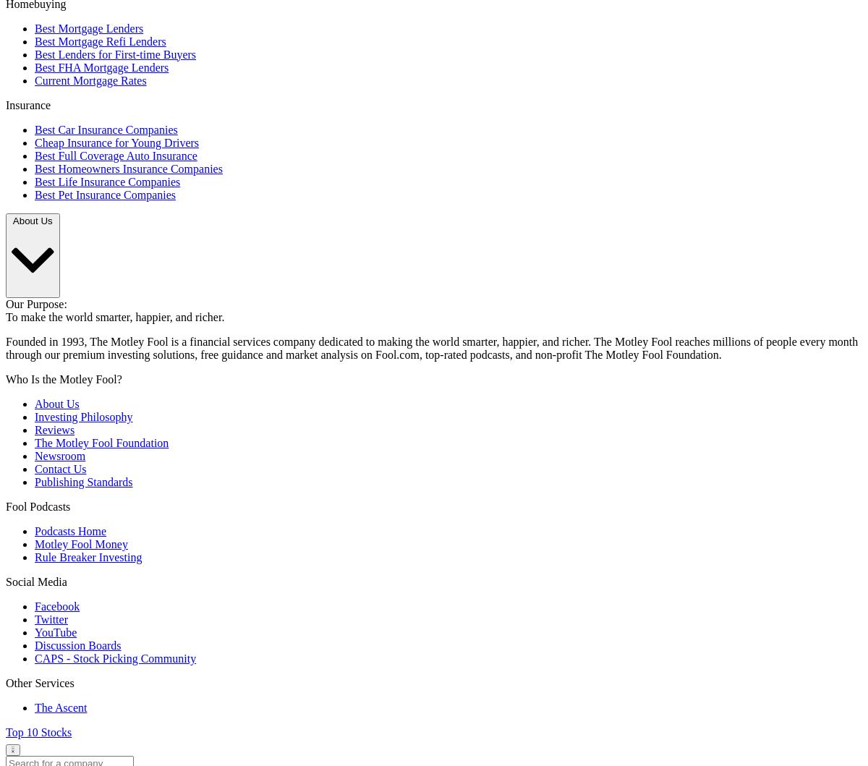 This screenshot has height=766, width=868. I want to click on 'Current Mortgage Rates', so click(90, 79).